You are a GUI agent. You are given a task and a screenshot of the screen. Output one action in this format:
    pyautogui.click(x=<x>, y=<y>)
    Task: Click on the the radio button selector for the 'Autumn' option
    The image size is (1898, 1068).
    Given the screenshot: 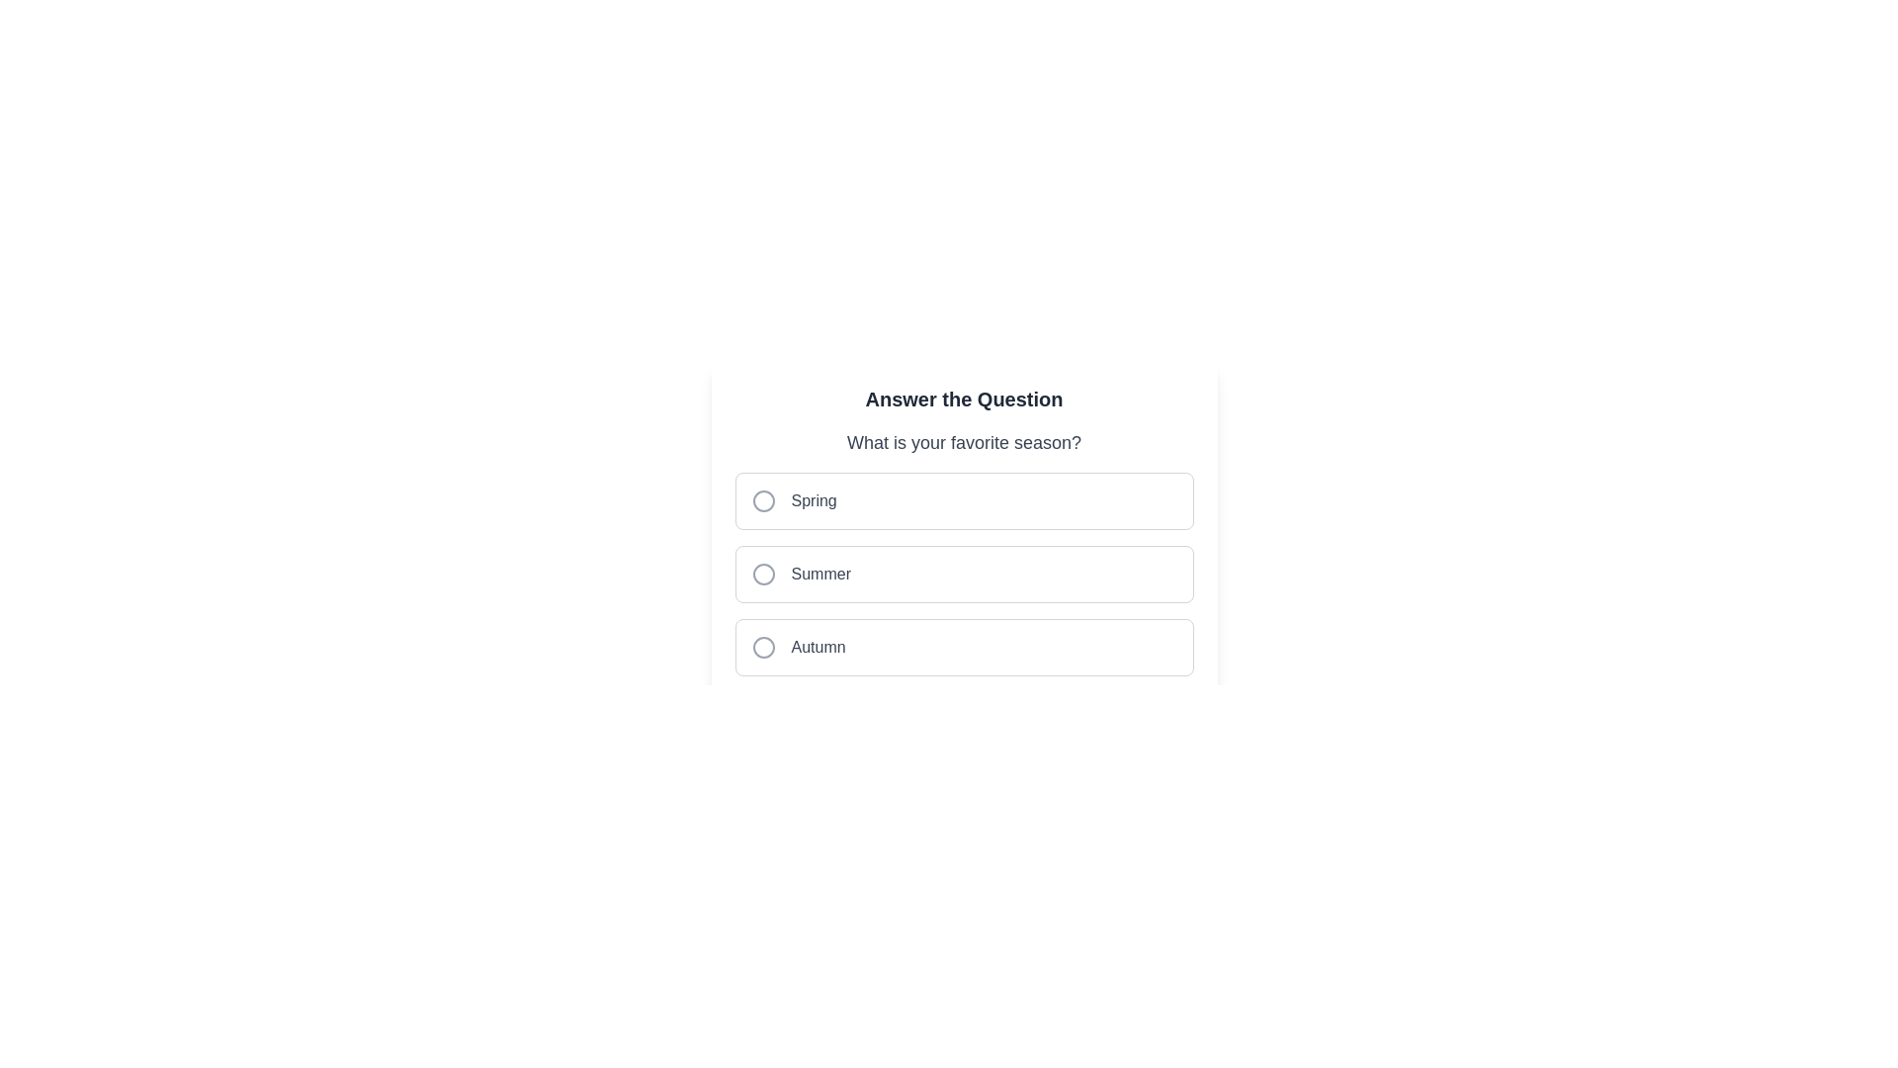 What is the action you would take?
    pyautogui.click(x=762, y=648)
    